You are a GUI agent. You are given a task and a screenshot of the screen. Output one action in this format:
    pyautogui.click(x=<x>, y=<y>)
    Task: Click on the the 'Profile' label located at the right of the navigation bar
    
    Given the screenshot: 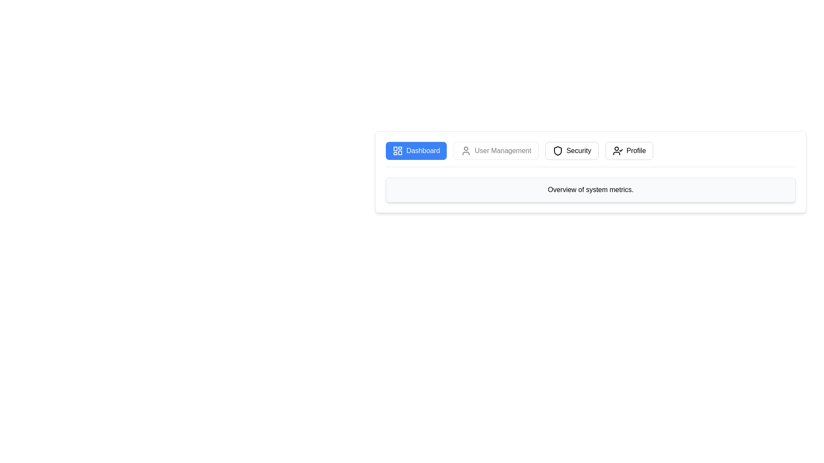 What is the action you would take?
    pyautogui.click(x=636, y=150)
    